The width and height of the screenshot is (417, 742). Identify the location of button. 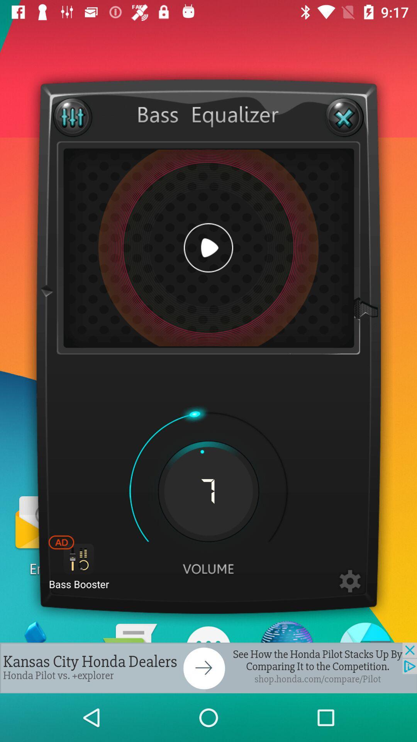
(208, 248).